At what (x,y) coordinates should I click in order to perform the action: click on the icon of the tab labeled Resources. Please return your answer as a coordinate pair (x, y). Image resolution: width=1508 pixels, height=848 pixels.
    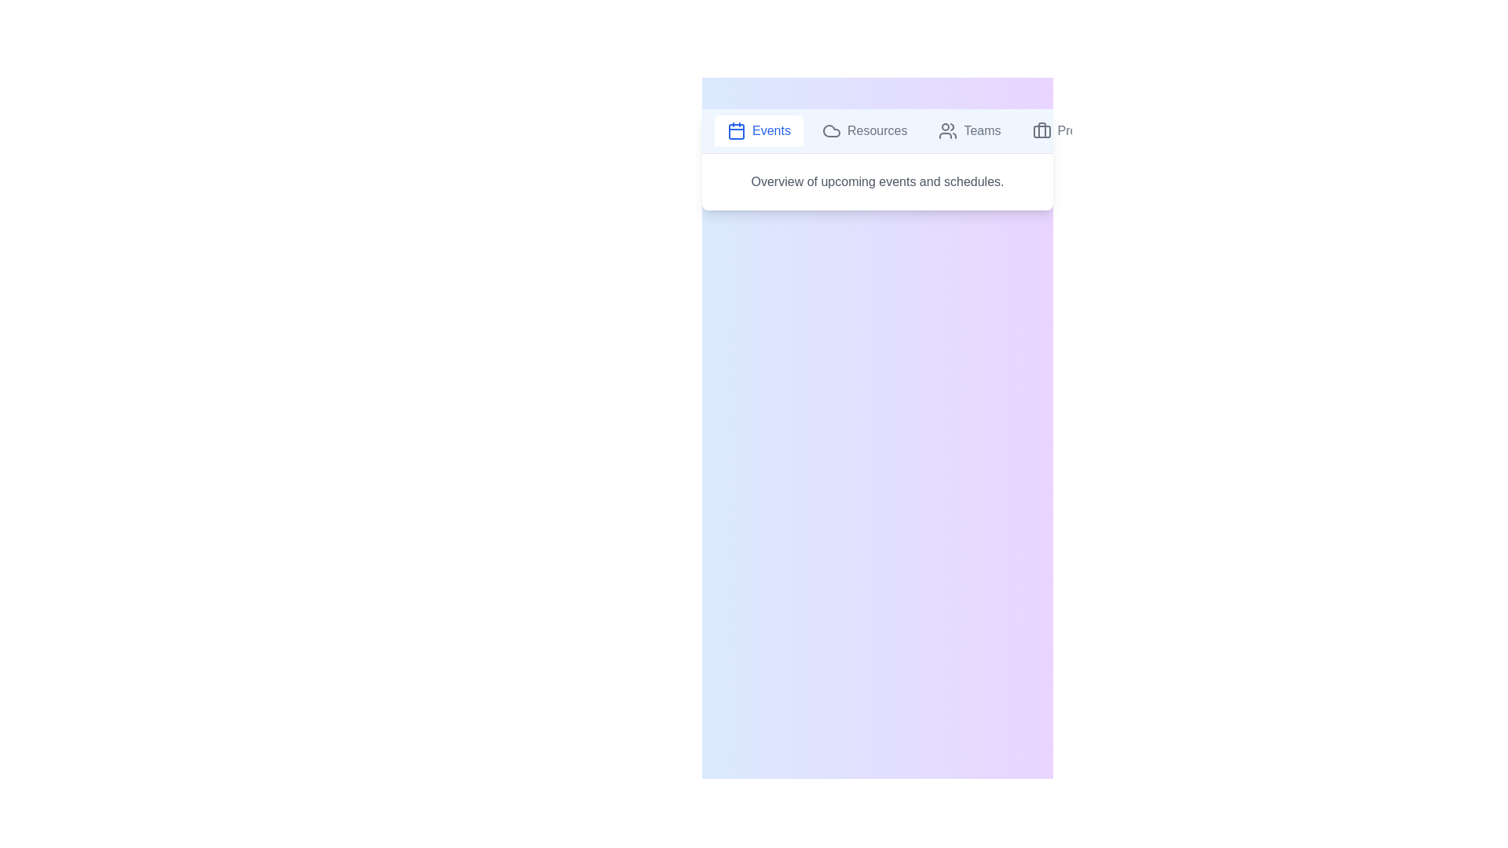
    Looking at the image, I should click on (829, 130).